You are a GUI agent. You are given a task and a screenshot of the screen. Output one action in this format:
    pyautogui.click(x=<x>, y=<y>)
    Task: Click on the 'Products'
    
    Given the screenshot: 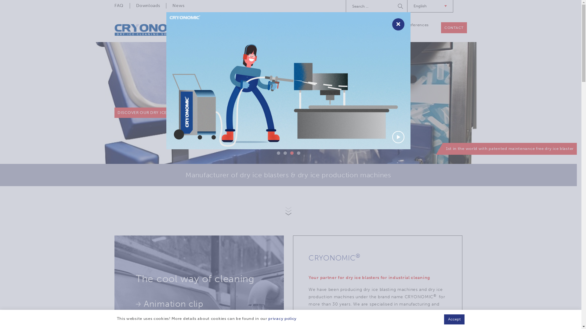 What is the action you would take?
    pyautogui.click(x=274, y=24)
    